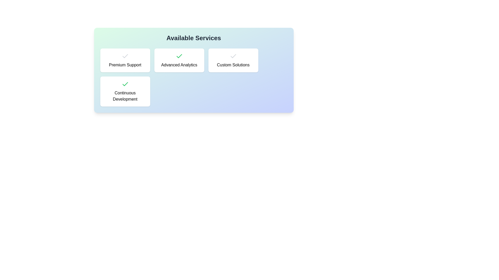 The height and width of the screenshot is (280, 499). I want to click on the green checkmark-shaped SVG icon that symbolizes confirmation, located to the left of the 'Continuous Development' text in the button-like component of the grid below 'Available Services', so click(125, 84).